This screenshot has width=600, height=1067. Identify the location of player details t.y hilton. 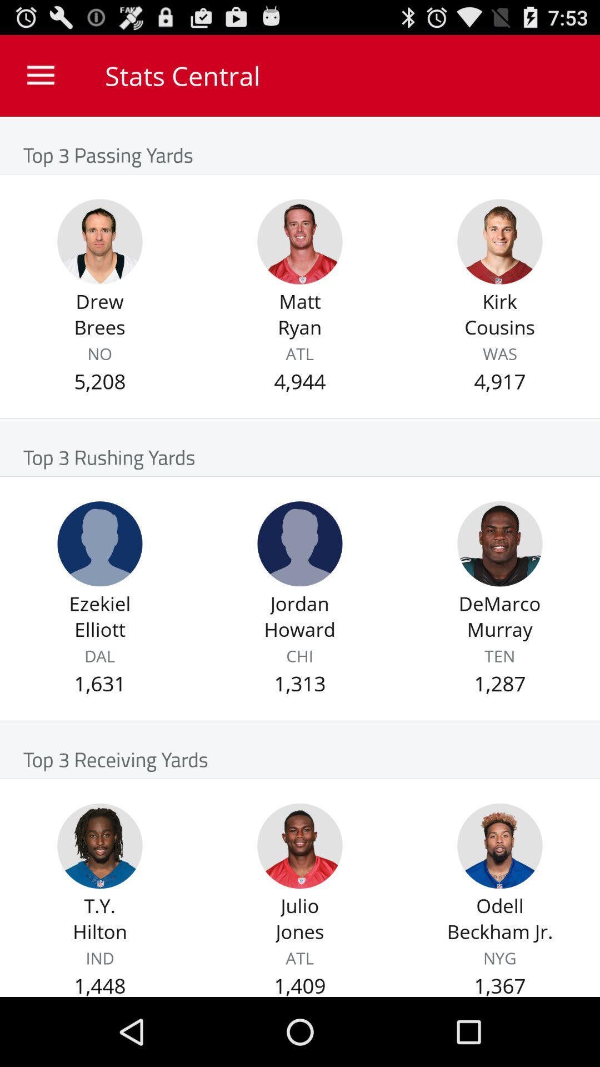
(100, 845).